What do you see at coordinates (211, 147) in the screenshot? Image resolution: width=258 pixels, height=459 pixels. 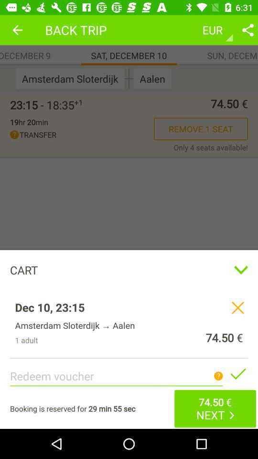 I see `icon next to transfer` at bounding box center [211, 147].